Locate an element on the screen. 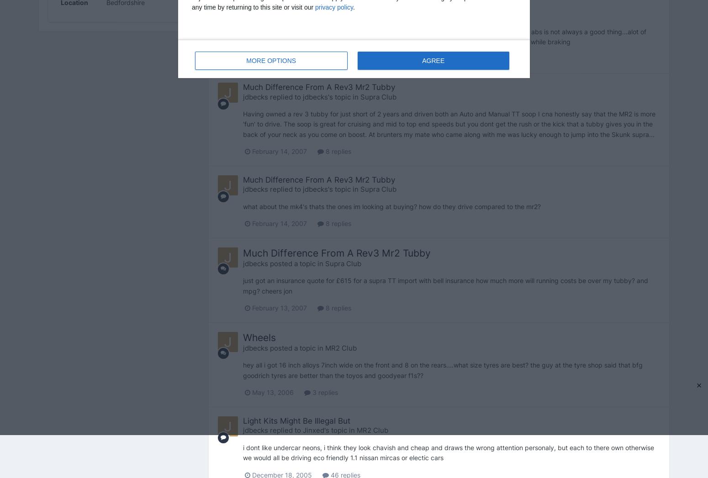 This screenshot has width=708, height=478. 'i dont like undercar neons, i think they look chavish and cheap and draws the wrong attention personaly, but each to there own otherwise we would all be driving eco friendly 1.1 nissan mircas or electic cars' is located at coordinates (447, 452).